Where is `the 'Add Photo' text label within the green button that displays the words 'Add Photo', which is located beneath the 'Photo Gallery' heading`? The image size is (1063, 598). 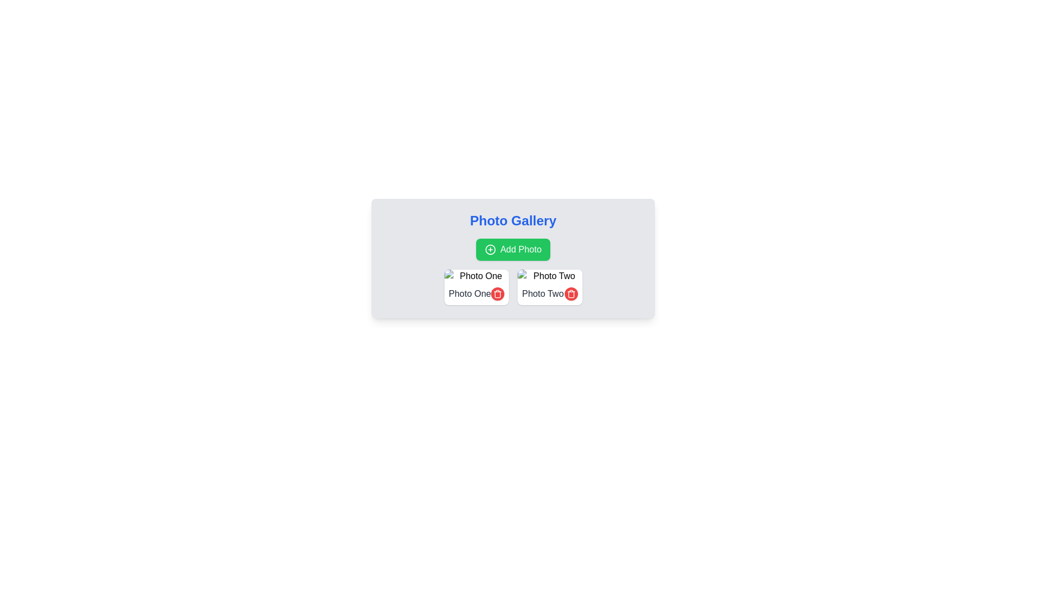 the 'Add Photo' text label within the green button that displays the words 'Add Photo', which is located beneath the 'Photo Gallery' heading is located at coordinates (520, 250).